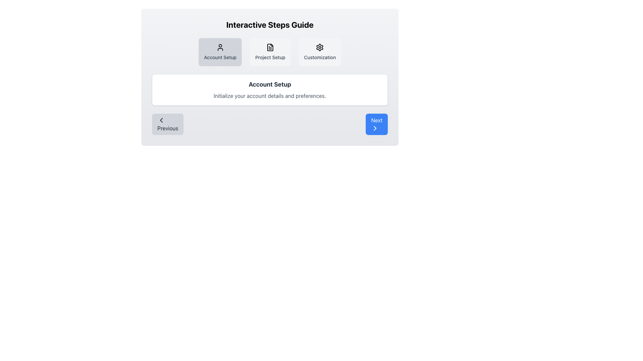 The width and height of the screenshot is (643, 361). What do you see at coordinates (270, 90) in the screenshot?
I see `the 'Account Setup' informational box, which introduces the account setup process and provides a brief description of initializing account details and preferences` at bounding box center [270, 90].